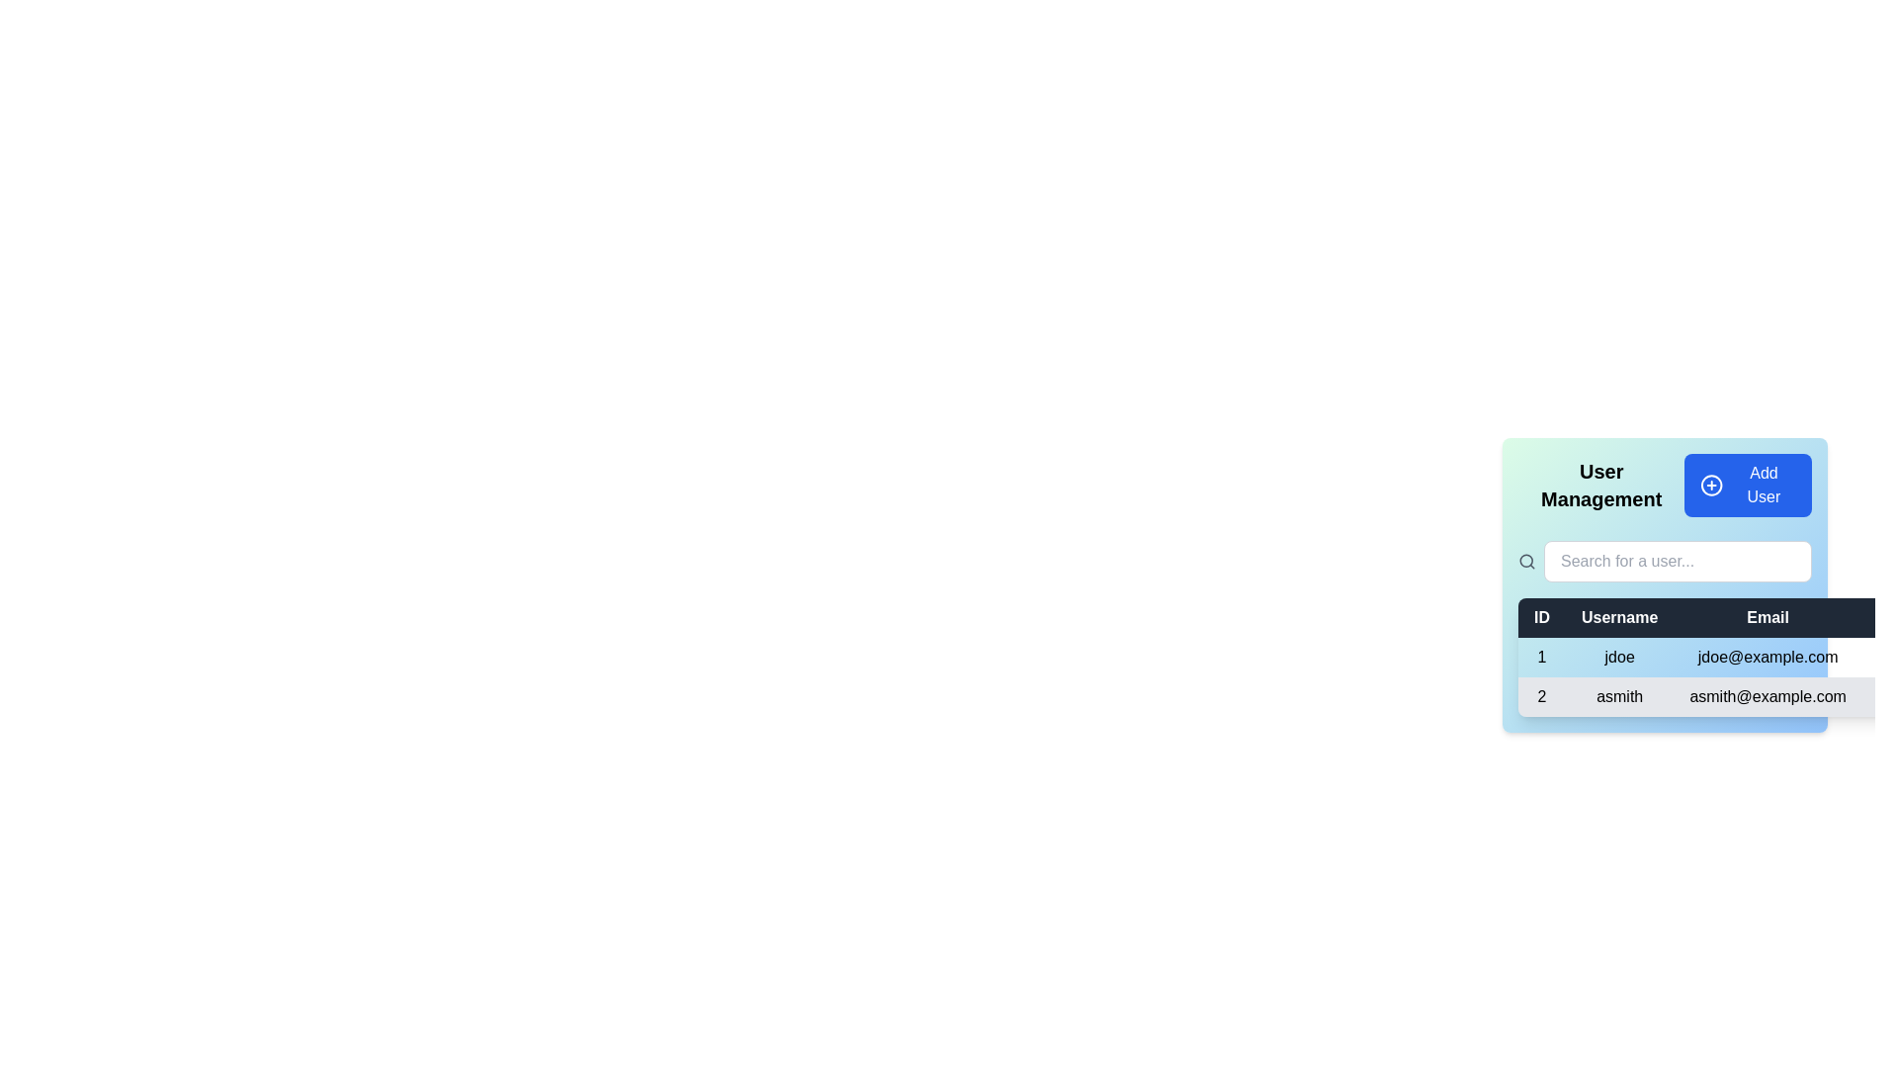 This screenshot has width=1898, height=1068. What do you see at coordinates (1711, 485) in the screenshot?
I see `the icon element located in the toolbar to the right of the 'User Management' label` at bounding box center [1711, 485].